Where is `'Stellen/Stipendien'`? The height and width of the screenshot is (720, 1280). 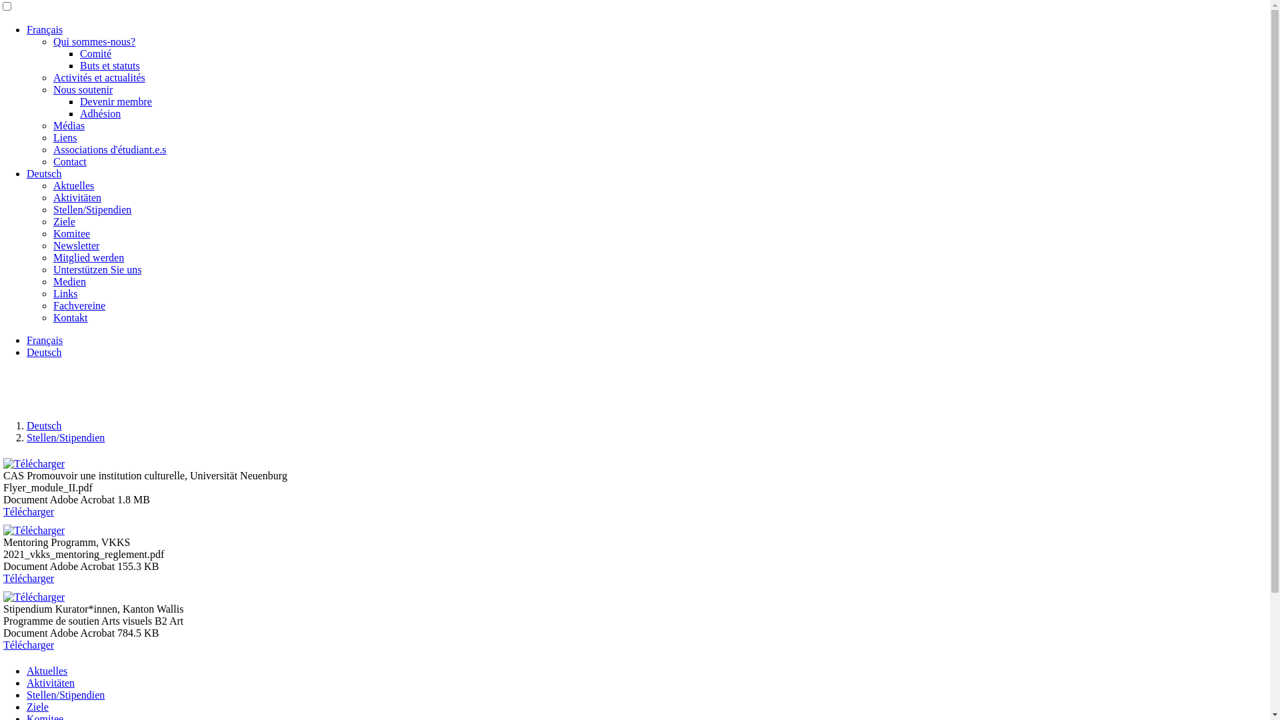
'Stellen/Stipendien' is located at coordinates (65, 694).